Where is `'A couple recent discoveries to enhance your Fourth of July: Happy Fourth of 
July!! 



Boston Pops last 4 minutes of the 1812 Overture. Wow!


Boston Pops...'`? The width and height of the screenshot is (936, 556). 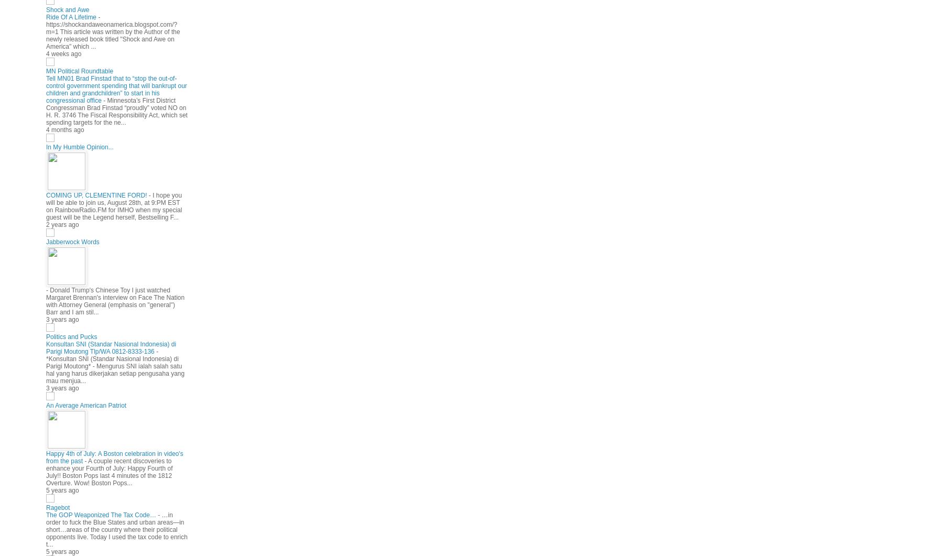 'A couple recent discoveries to enhance your Fourth of July: Happy Fourth of 
July!! 



Boston Pops last 4 minutes of the 1812 Overture. Wow!


Boston Pops...' is located at coordinates (108, 471).